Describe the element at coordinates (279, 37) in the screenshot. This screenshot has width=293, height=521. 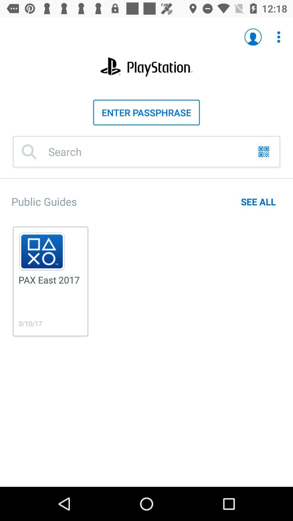
I see `icon in the top right corner` at that location.